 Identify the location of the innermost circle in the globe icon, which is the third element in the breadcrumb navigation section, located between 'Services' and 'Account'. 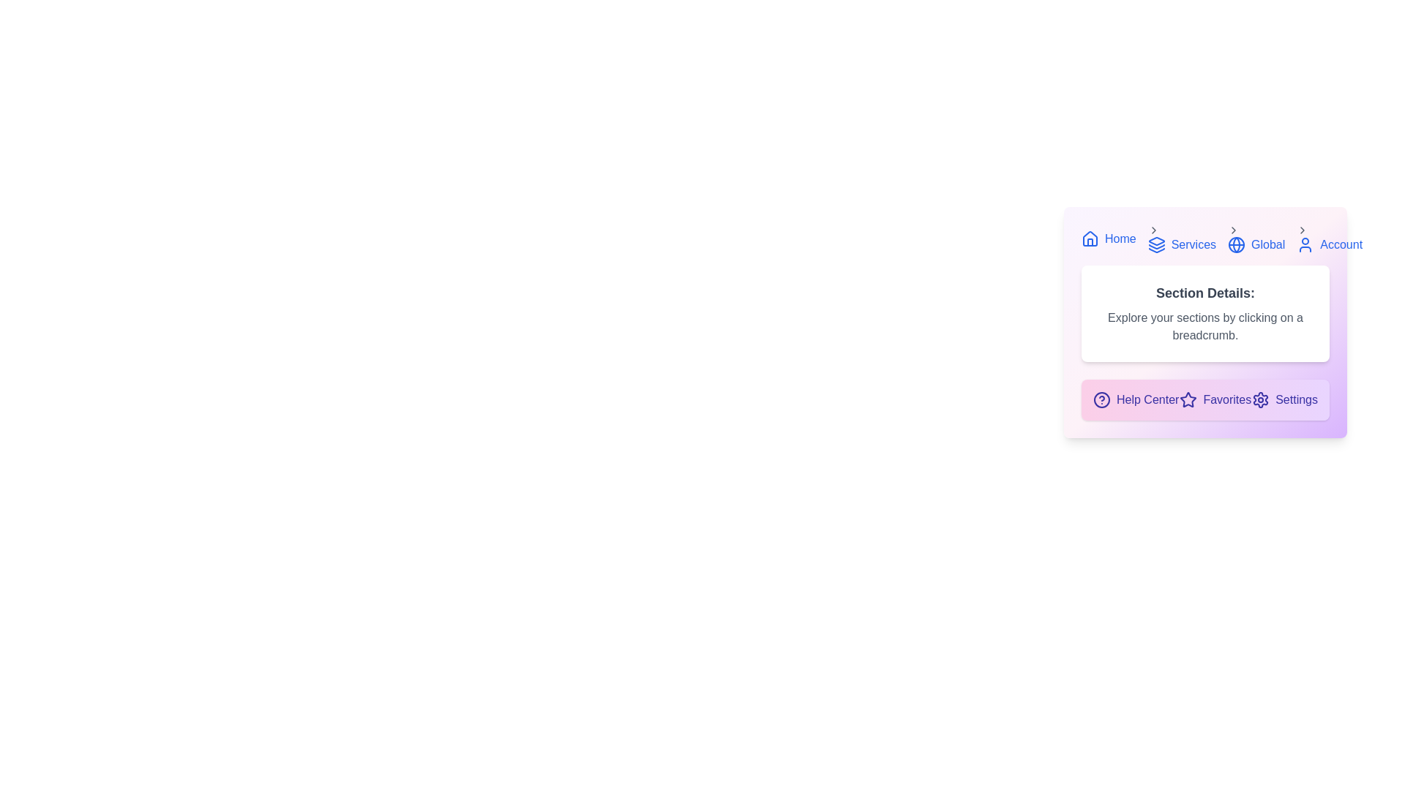
(1235, 244).